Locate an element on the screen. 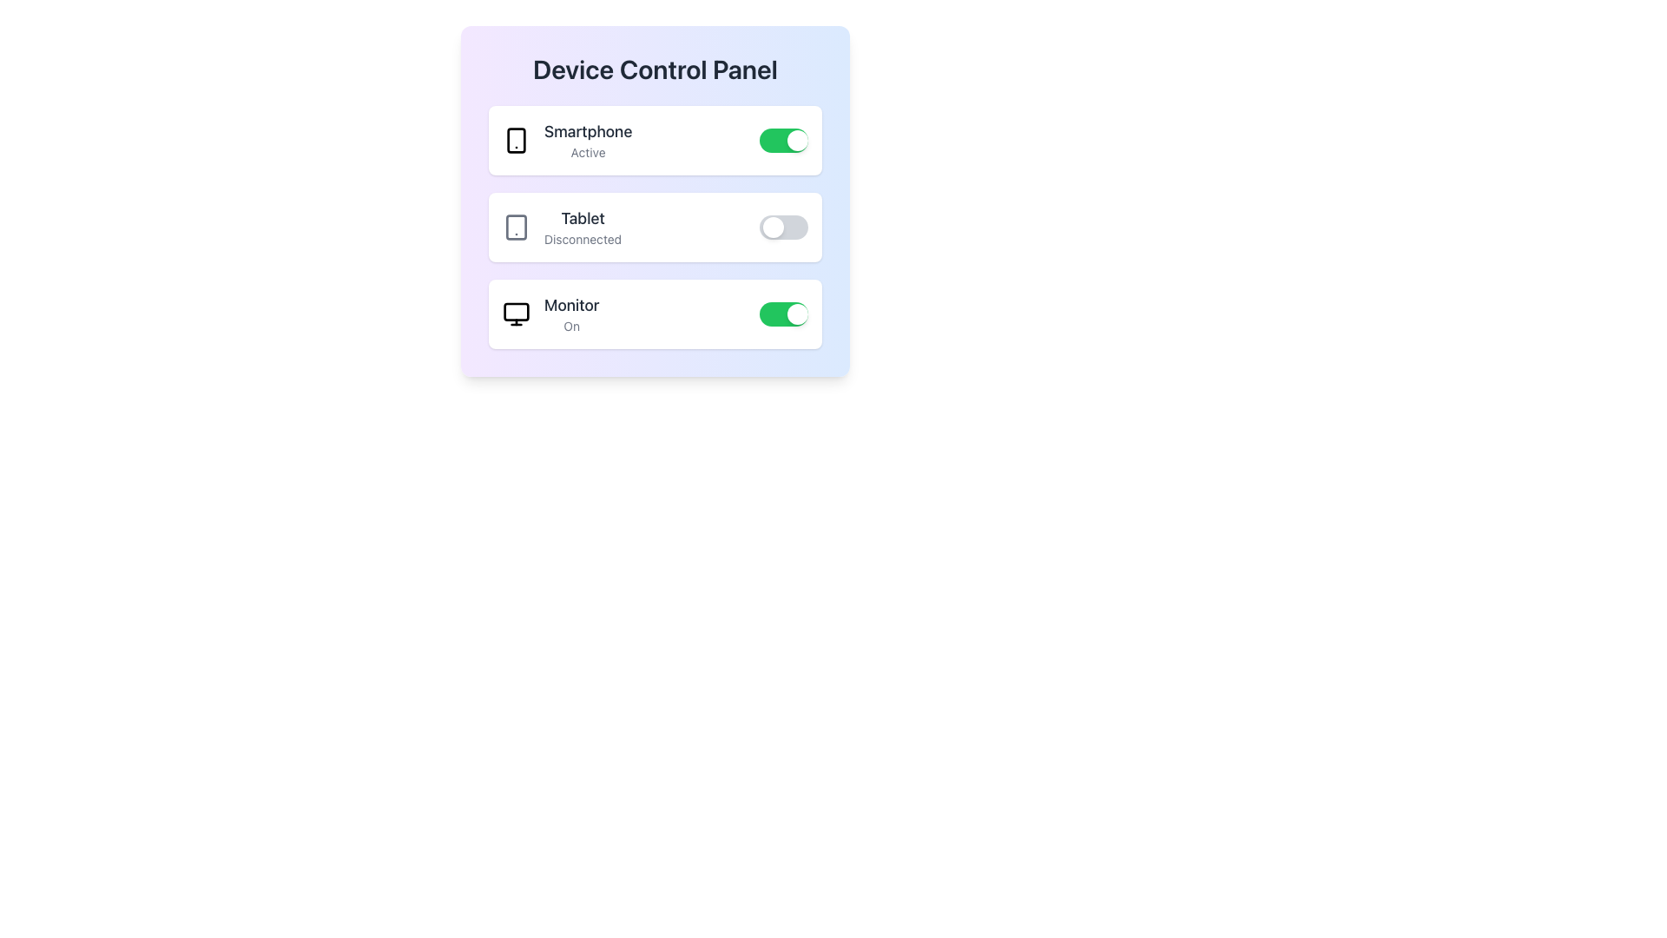  the Text label displaying the connection status of the tablet, located in the second row of the Device Control Panel, next to the tablet icon and the toggle switch is located at coordinates (583, 227).